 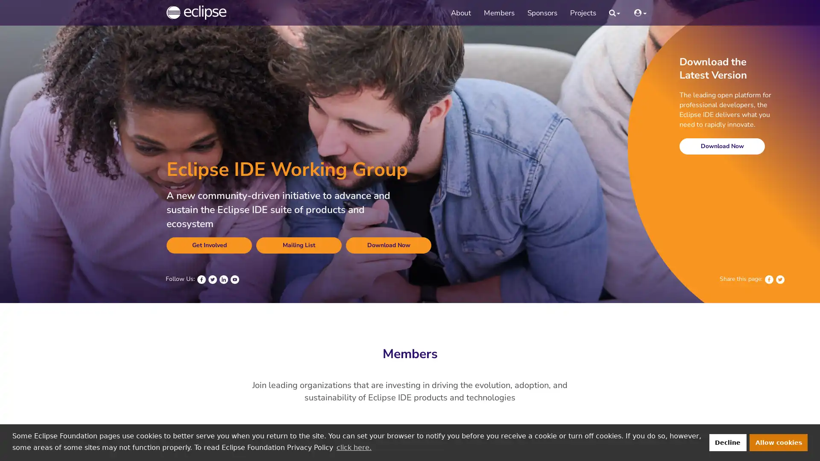 What do you see at coordinates (727, 442) in the screenshot?
I see `deny cookies` at bounding box center [727, 442].